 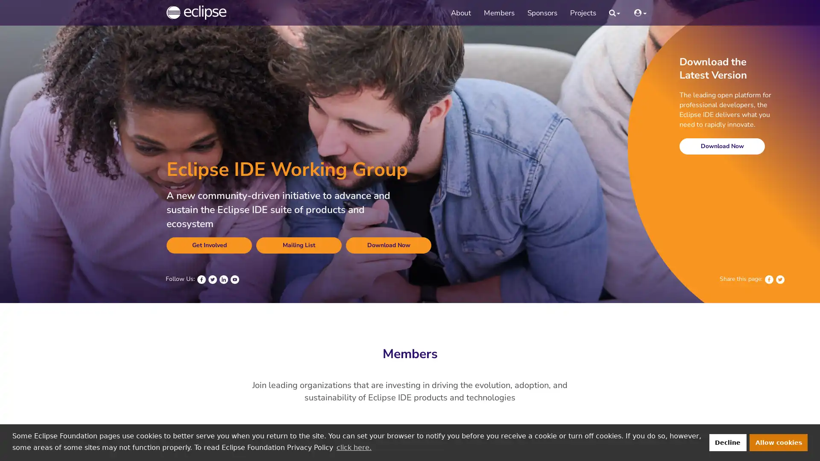 What do you see at coordinates (727, 442) in the screenshot?
I see `deny cookies` at bounding box center [727, 442].